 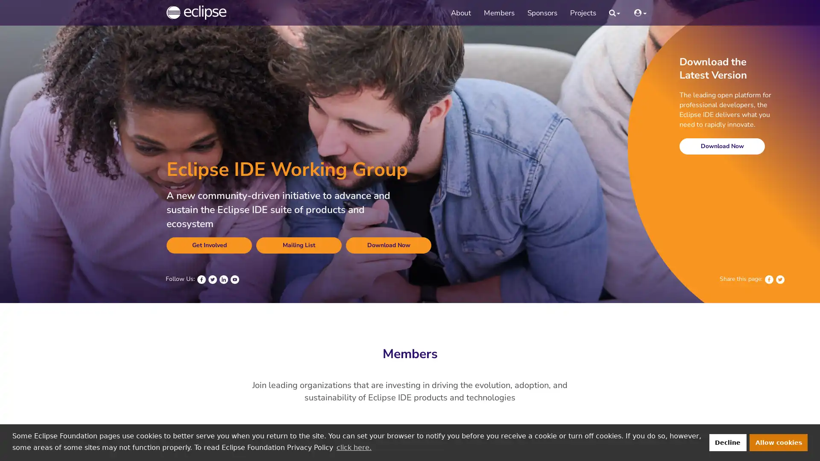 What do you see at coordinates (727, 442) in the screenshot?
I see `deny cookies` at bounding box center [727, 442].